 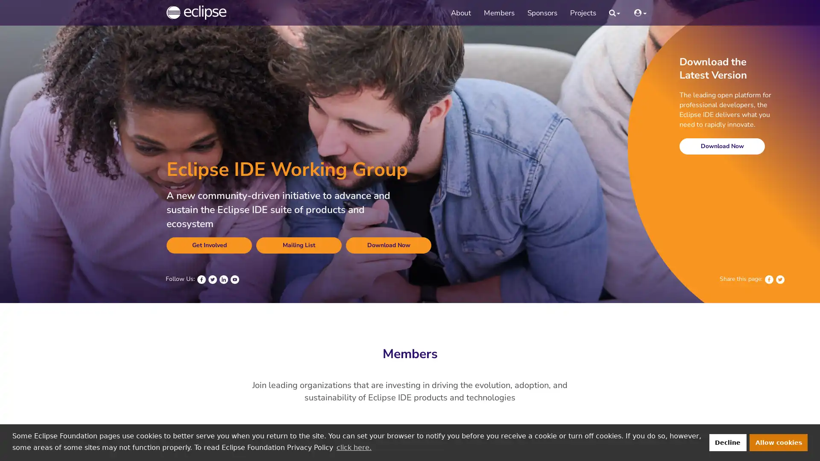 What do you see at coordinates (727, 442) in the screenshot?
I see `deny cookies` at bounding box center [727, 442].